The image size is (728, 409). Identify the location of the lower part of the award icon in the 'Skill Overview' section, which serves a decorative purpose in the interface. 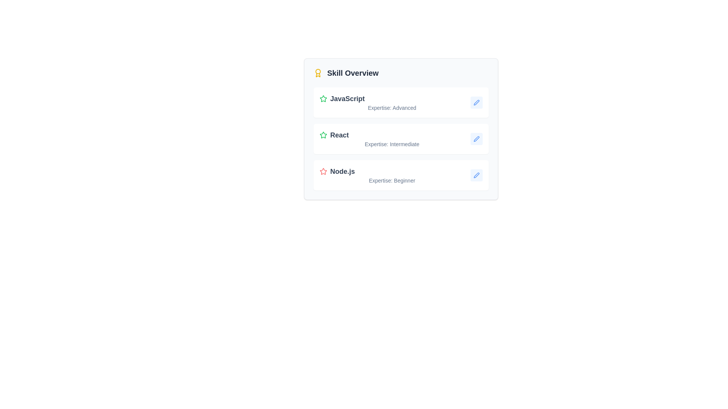
(318, 75).